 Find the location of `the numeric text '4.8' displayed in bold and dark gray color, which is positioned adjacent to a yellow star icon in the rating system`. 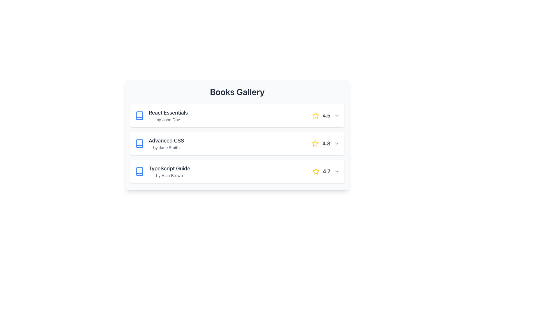

the numeric text '4.8' displayed in bold and dark gray color, which is positioned adjacent to a yellow star icon in the rating system is located at coordinates (326, 143).